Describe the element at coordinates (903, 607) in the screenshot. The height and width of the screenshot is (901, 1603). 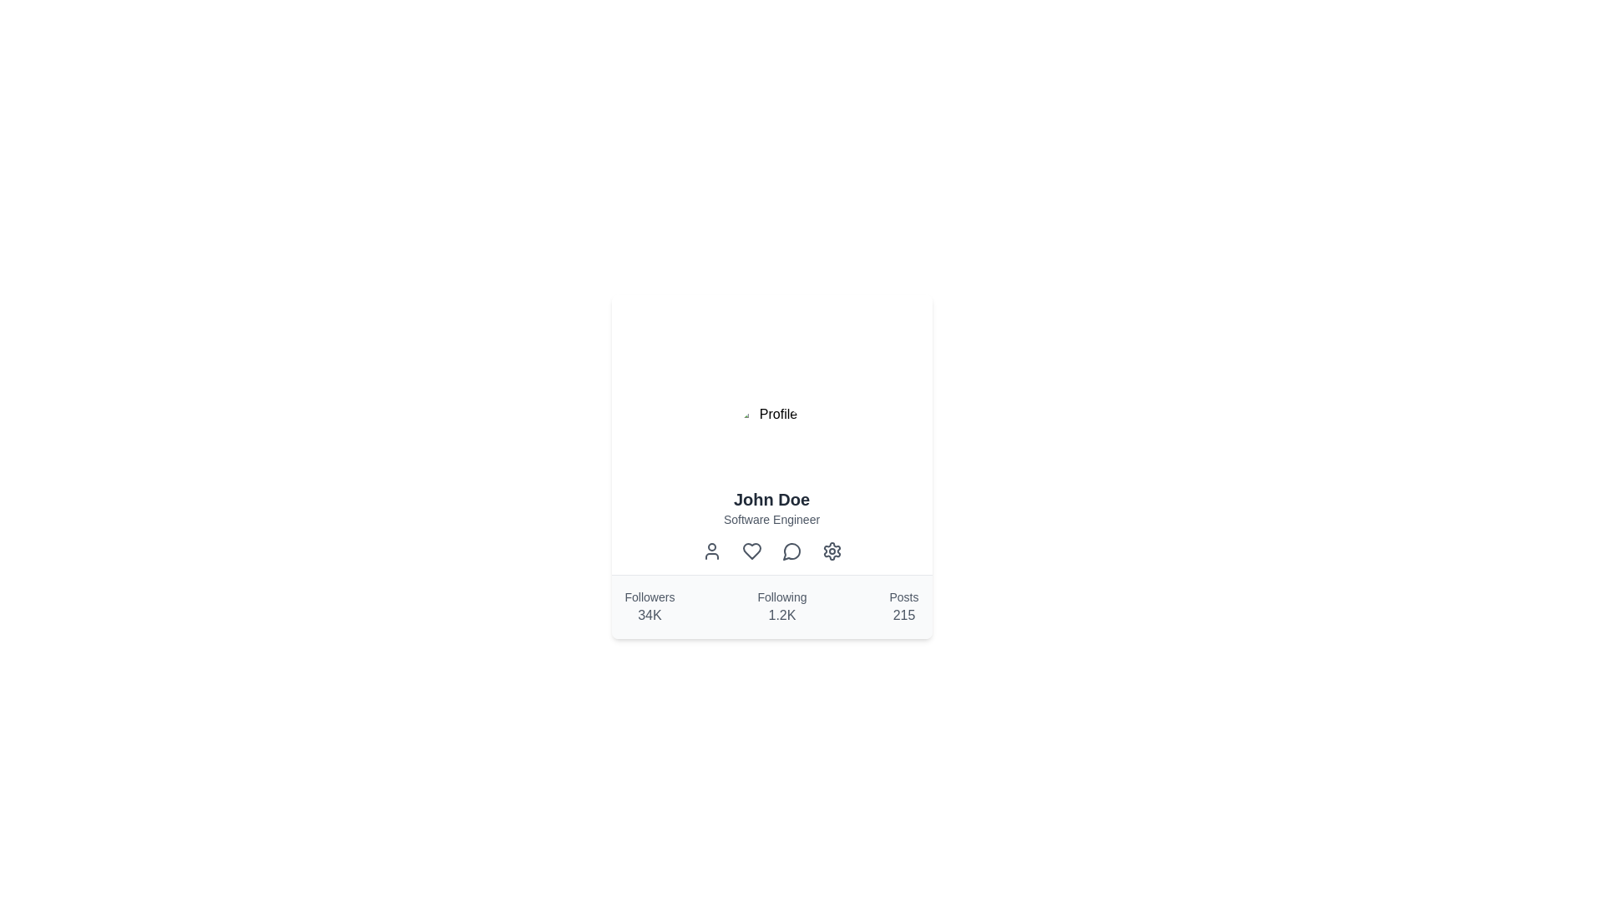
I see `the informational text display showing 'Posts' and '215', located at the far right of the card` at that location.